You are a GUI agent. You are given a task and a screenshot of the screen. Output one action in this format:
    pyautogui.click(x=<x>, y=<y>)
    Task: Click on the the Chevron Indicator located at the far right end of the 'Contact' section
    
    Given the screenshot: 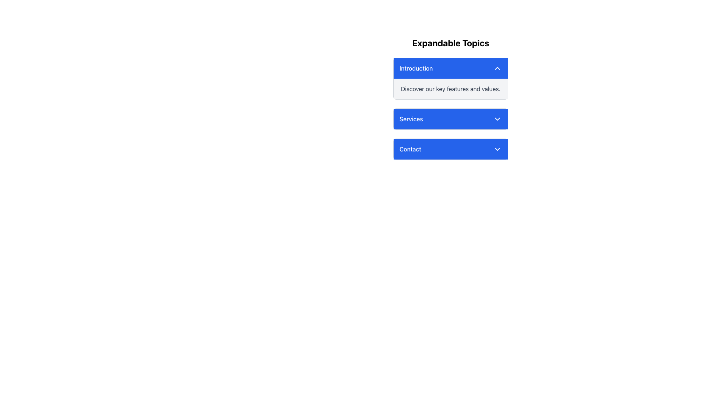 What is the action you would take?
    pyautogui.click(x=497, y=149)
    